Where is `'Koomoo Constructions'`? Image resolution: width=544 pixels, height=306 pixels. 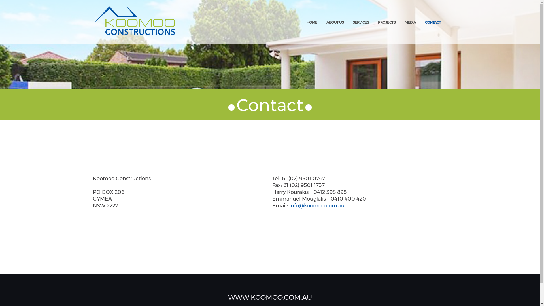
'Koomoo Constructions' is located at coordinates (134, 22).